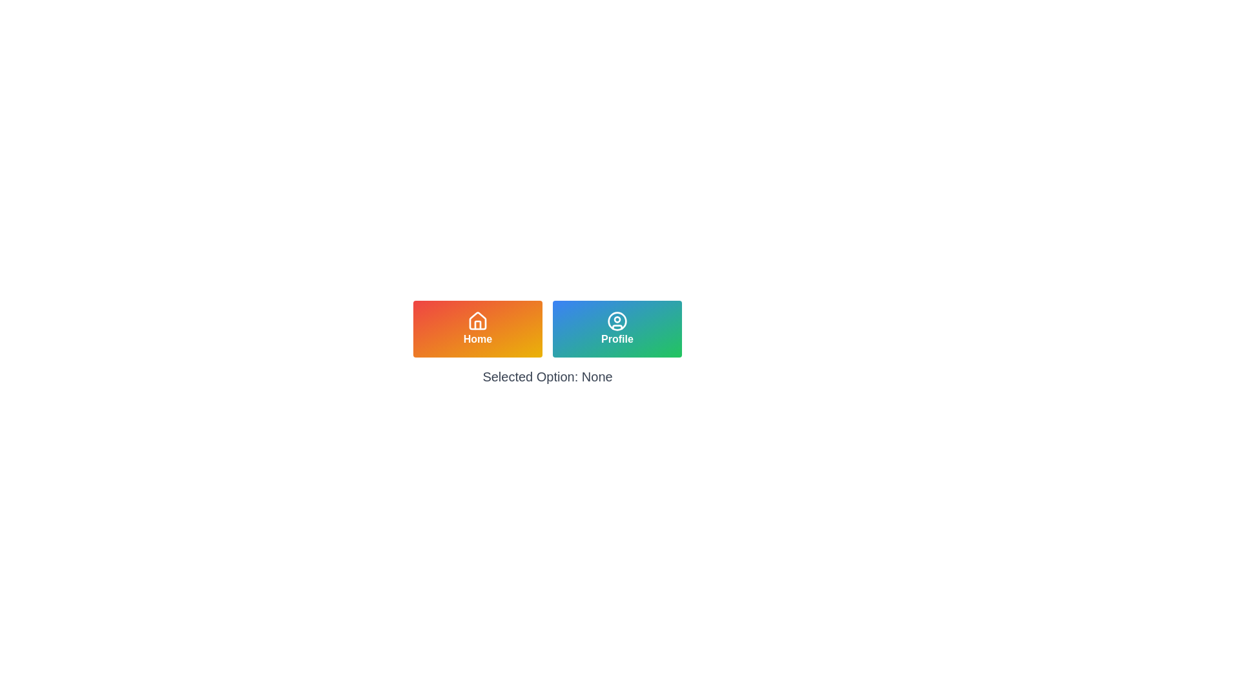 The image size is (1240, 697). Describe the element at coordinates (616, 320) in the screenshot. I see `the circular icon with a simplistic user figure inside, located at the center-top of the 'Profile' card on the right side of the horizontal group of two cards` at that location.